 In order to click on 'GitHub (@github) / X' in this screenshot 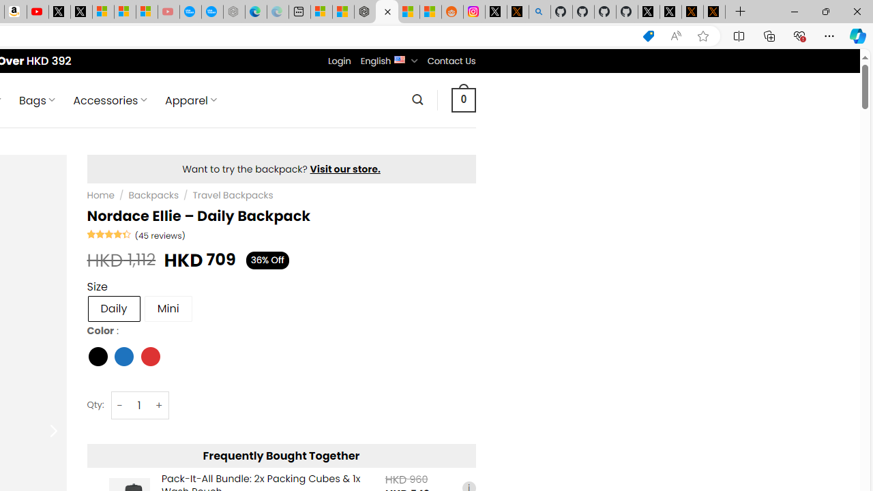, I will do `click(670, 12)`.